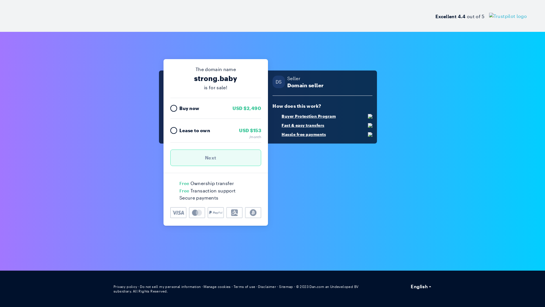 This screenshot has width=545, height=307. Describe the element at coordinates (279, 286) in the screenshot. I see `'Sitemap'` at that location.